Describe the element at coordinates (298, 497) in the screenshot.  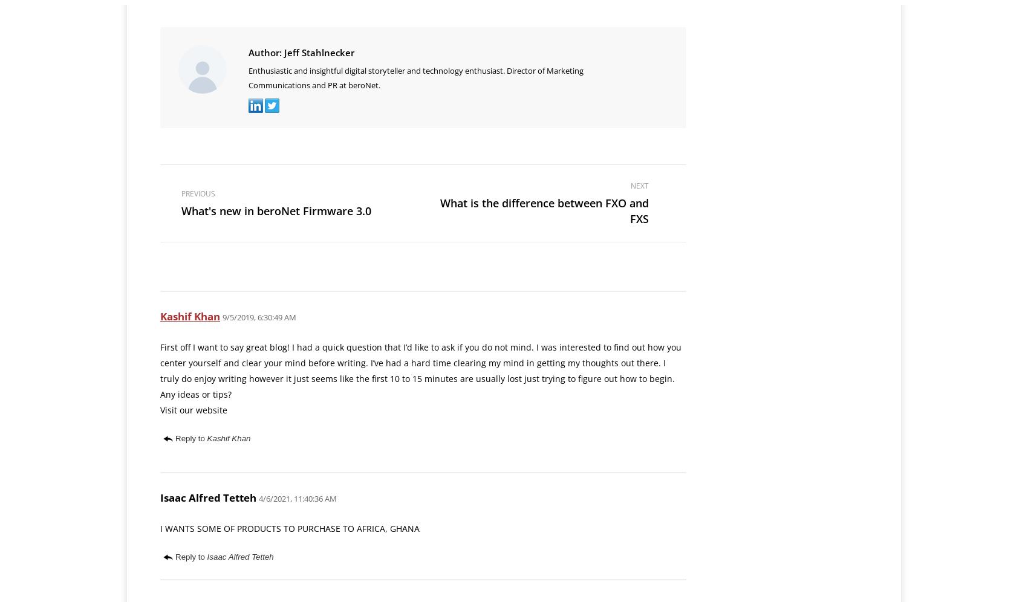
I see `'4/6/2021, 11:40:36 AM'` at that location.